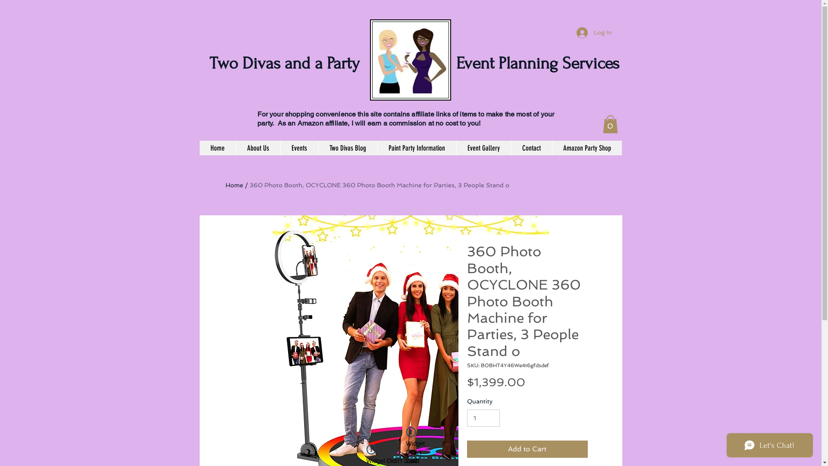 This screenshot has height=466, width=828. Describe the element at coordinates (530, 148) in the screenshot. I see `'Contact'` at that location.